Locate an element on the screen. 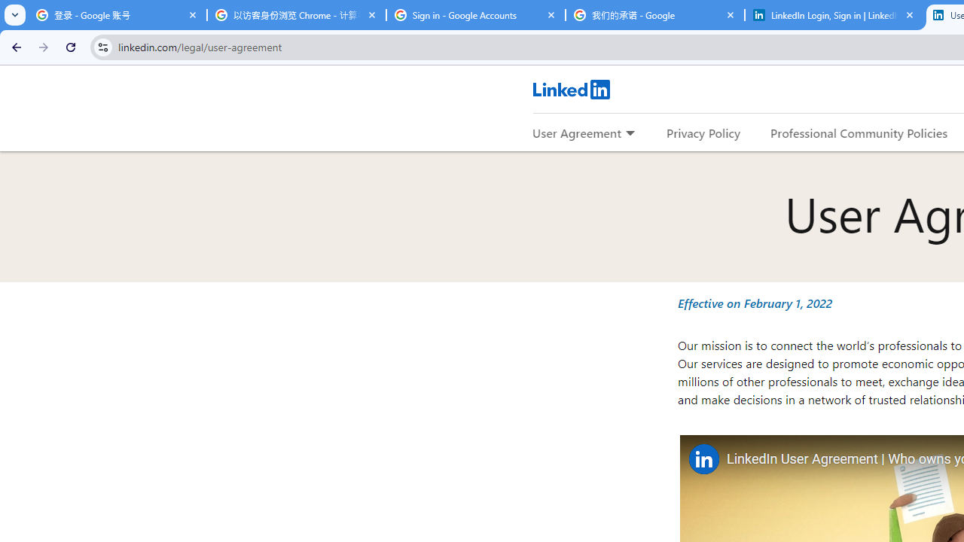  'Effective on February 1, 2022' is located at coordinates (755, 303).